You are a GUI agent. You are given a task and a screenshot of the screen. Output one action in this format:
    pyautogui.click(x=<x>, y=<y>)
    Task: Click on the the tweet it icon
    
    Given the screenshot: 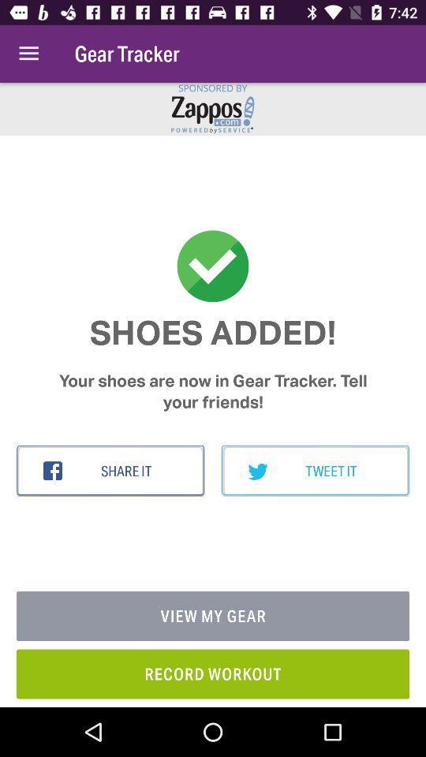 What is the action you would take?
    pyautogui.click(x=315, y=471)
    